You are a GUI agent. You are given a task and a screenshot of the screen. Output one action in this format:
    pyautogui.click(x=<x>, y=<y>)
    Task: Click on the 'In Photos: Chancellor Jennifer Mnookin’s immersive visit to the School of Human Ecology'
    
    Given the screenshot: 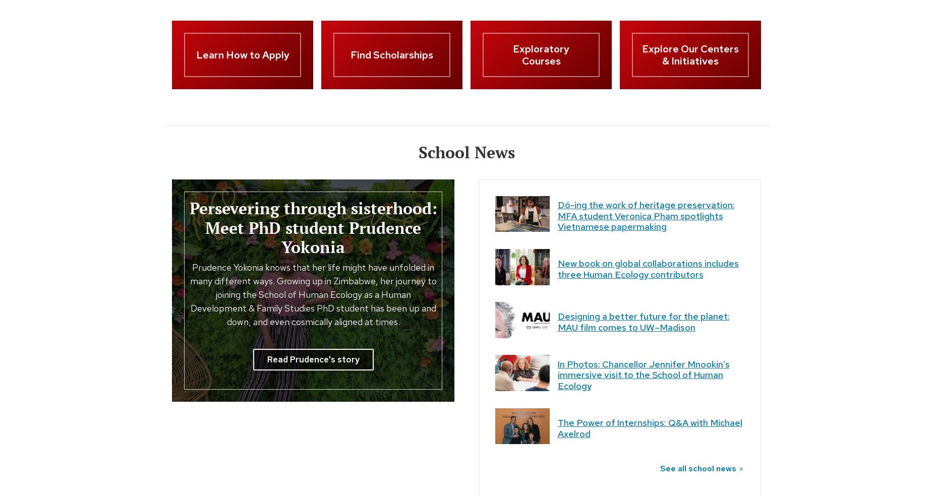 What is the action you would take?
    pyautogui.click(x=643, y=374)
    